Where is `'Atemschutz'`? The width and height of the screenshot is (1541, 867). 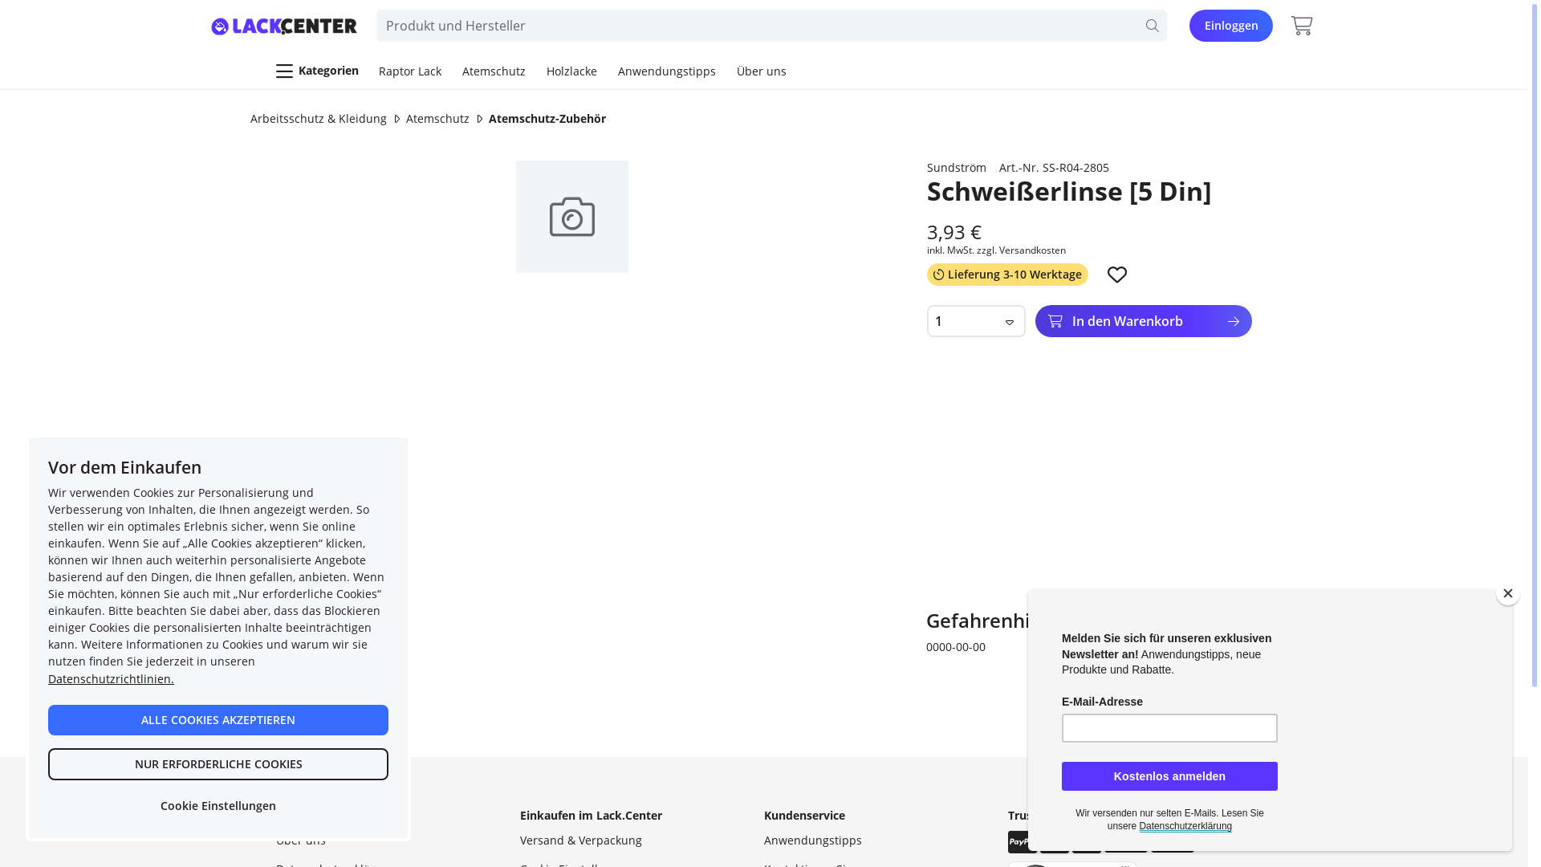 'Atemschutz' is located at coordinates (405, 117).